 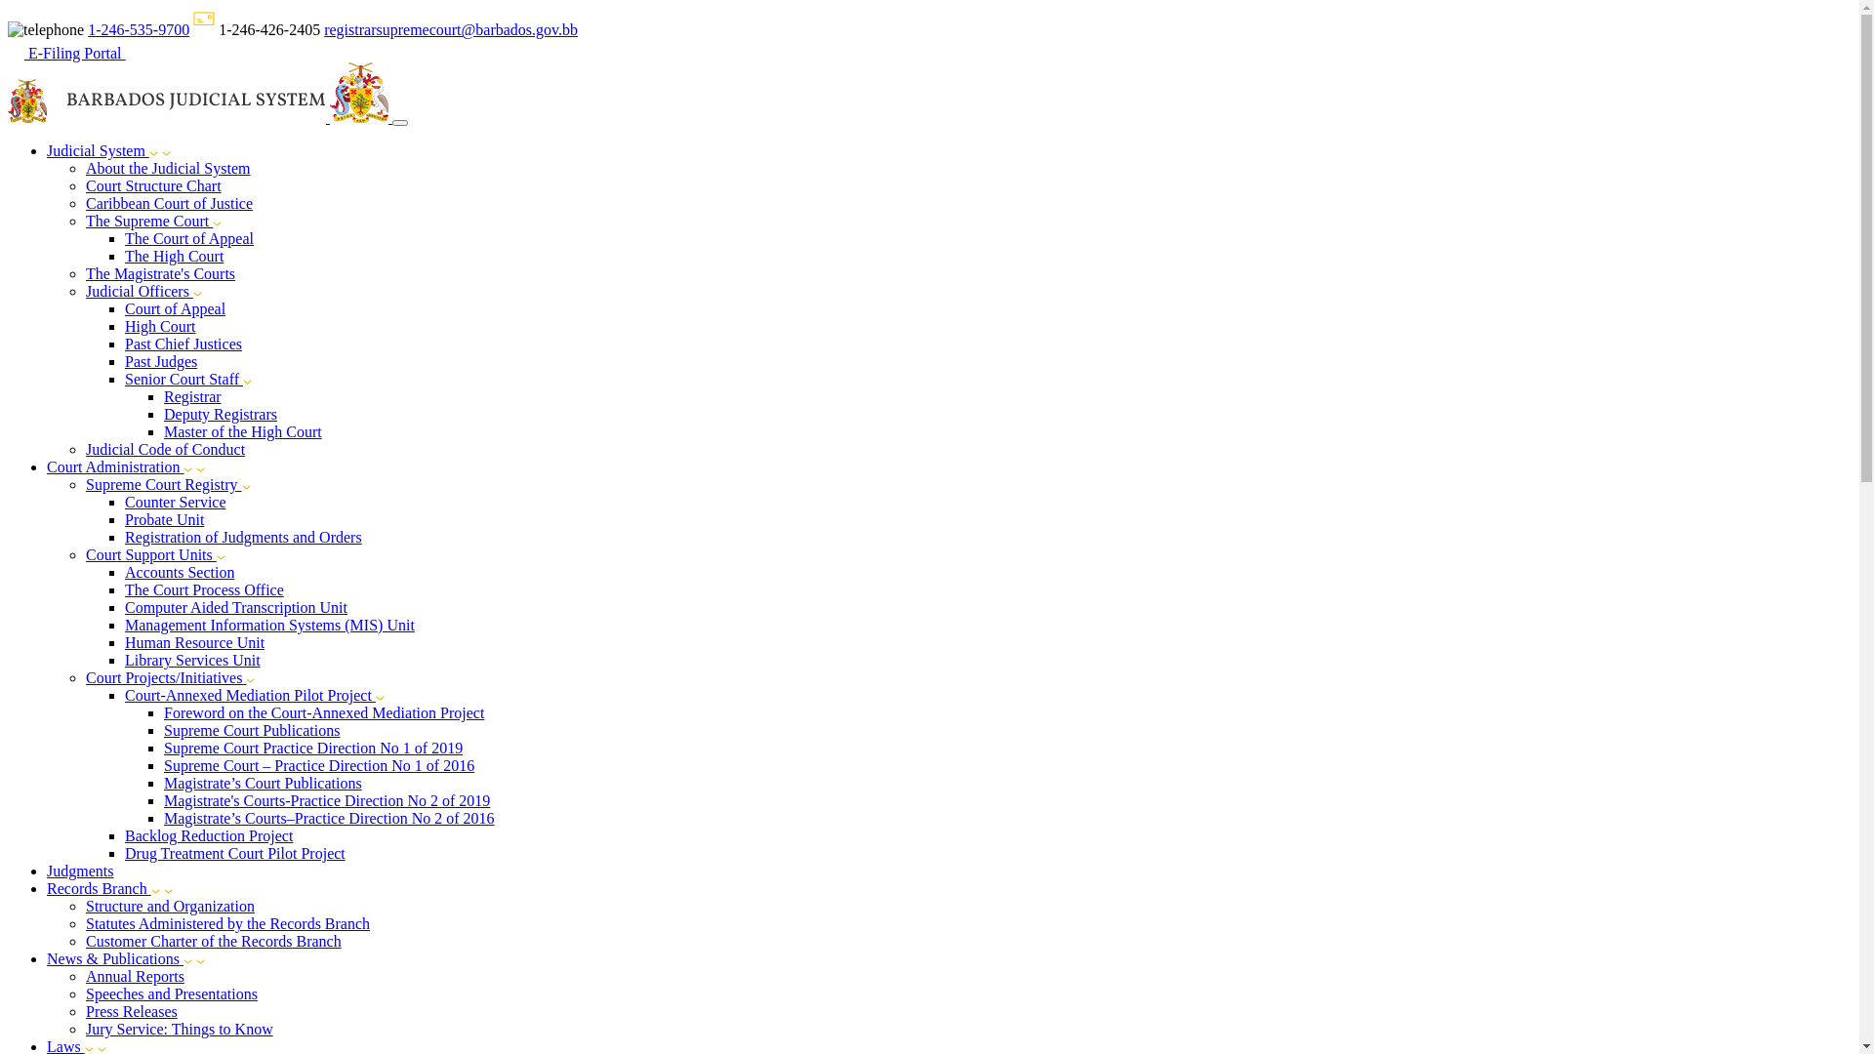 What do you see at coordinates (47, 466) in the screenshot?
I see `'Court Administration'` at bounding box center [47, 466].